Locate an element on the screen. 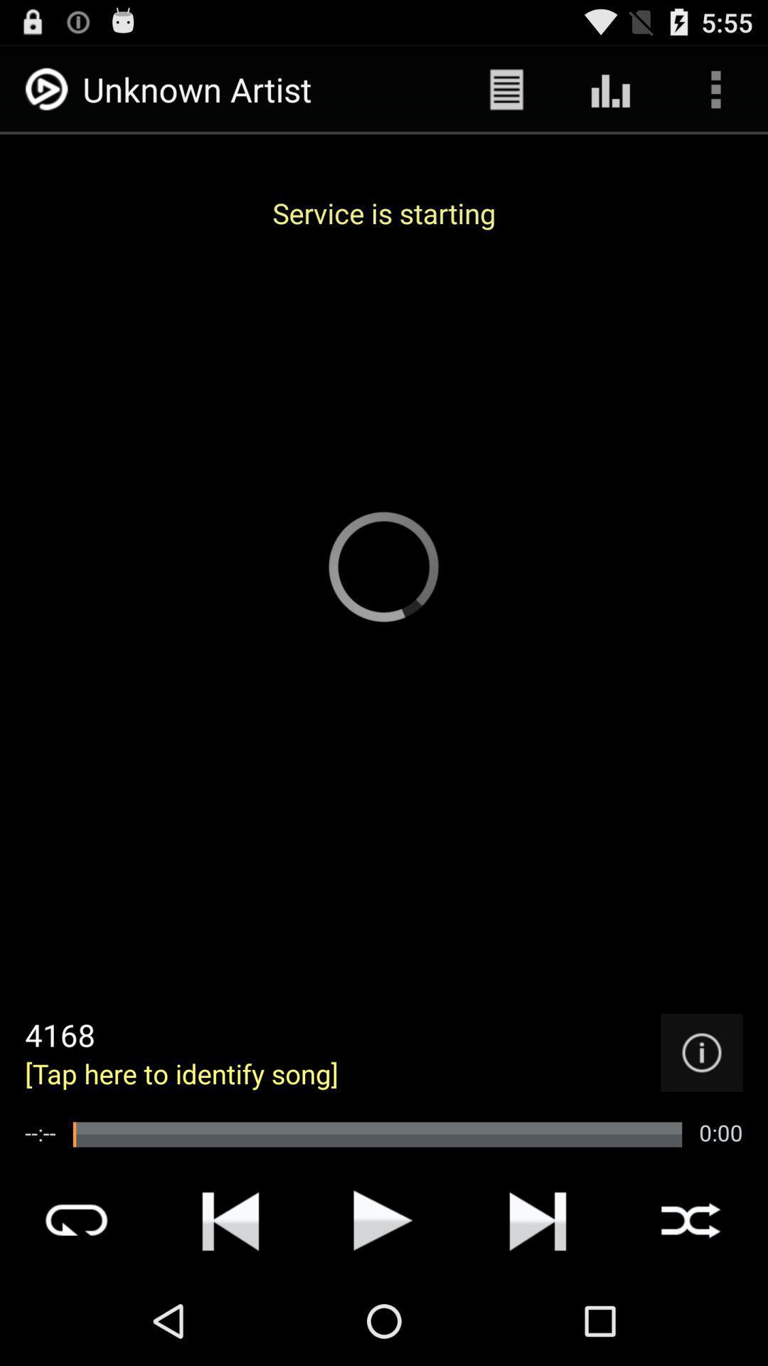  icon above service is starting item is located at coordinates (610, 88).